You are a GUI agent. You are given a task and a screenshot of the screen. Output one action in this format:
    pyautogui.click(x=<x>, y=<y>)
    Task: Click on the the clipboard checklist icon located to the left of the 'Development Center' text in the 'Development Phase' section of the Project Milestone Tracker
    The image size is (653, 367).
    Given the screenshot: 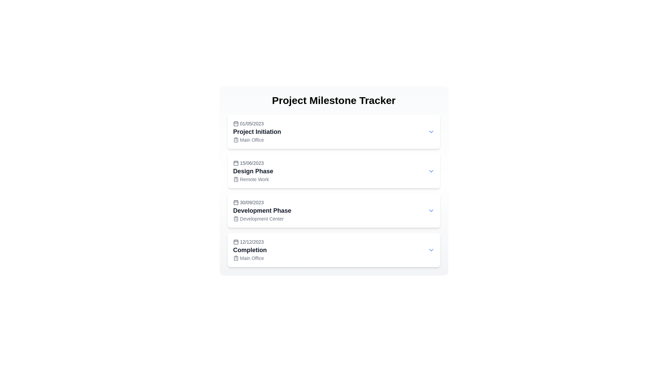 What is the action you would take?
    pyautogui.click(x=236, y=219)
    